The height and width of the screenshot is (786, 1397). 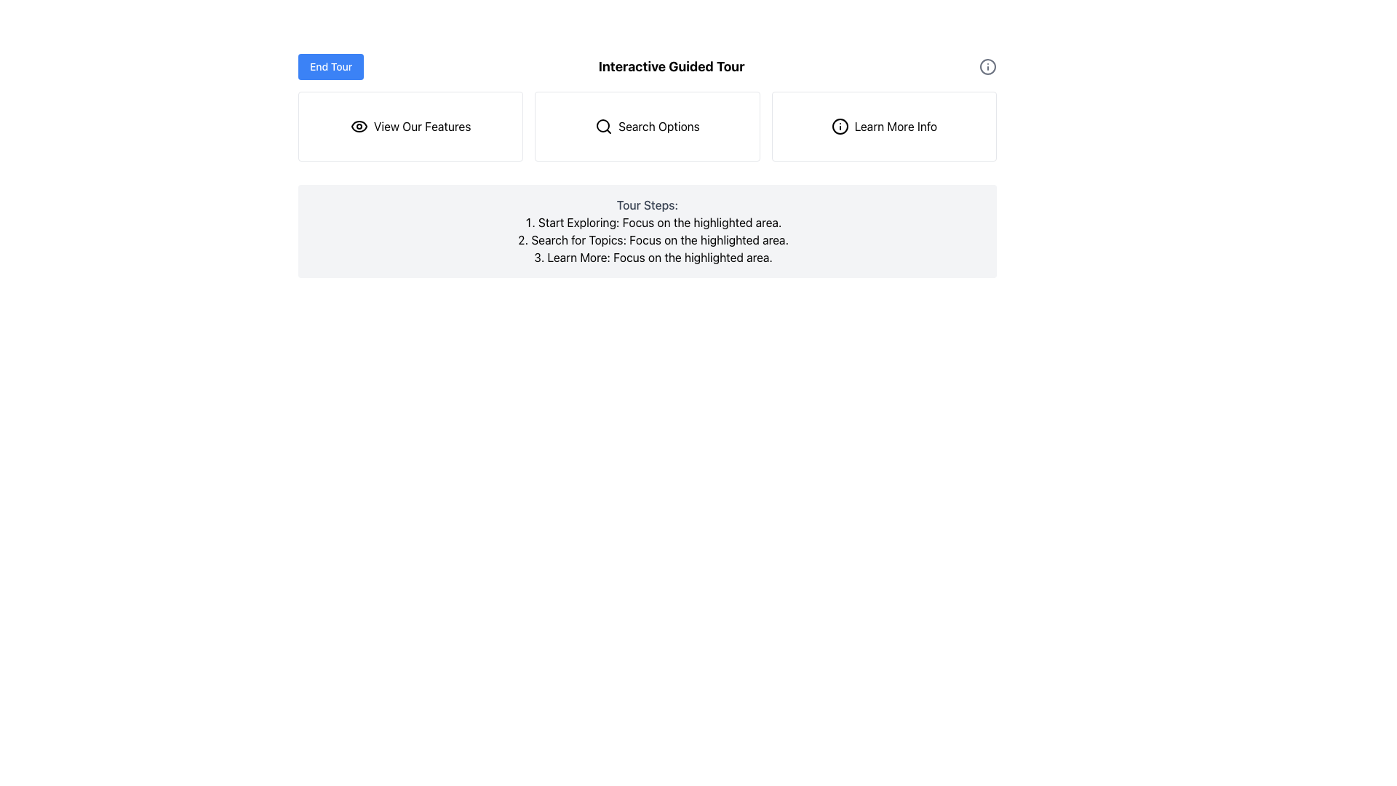 I want to click on the blue 'End Tour' button with rounded corners to change its background color, so click(x=330, y=67).